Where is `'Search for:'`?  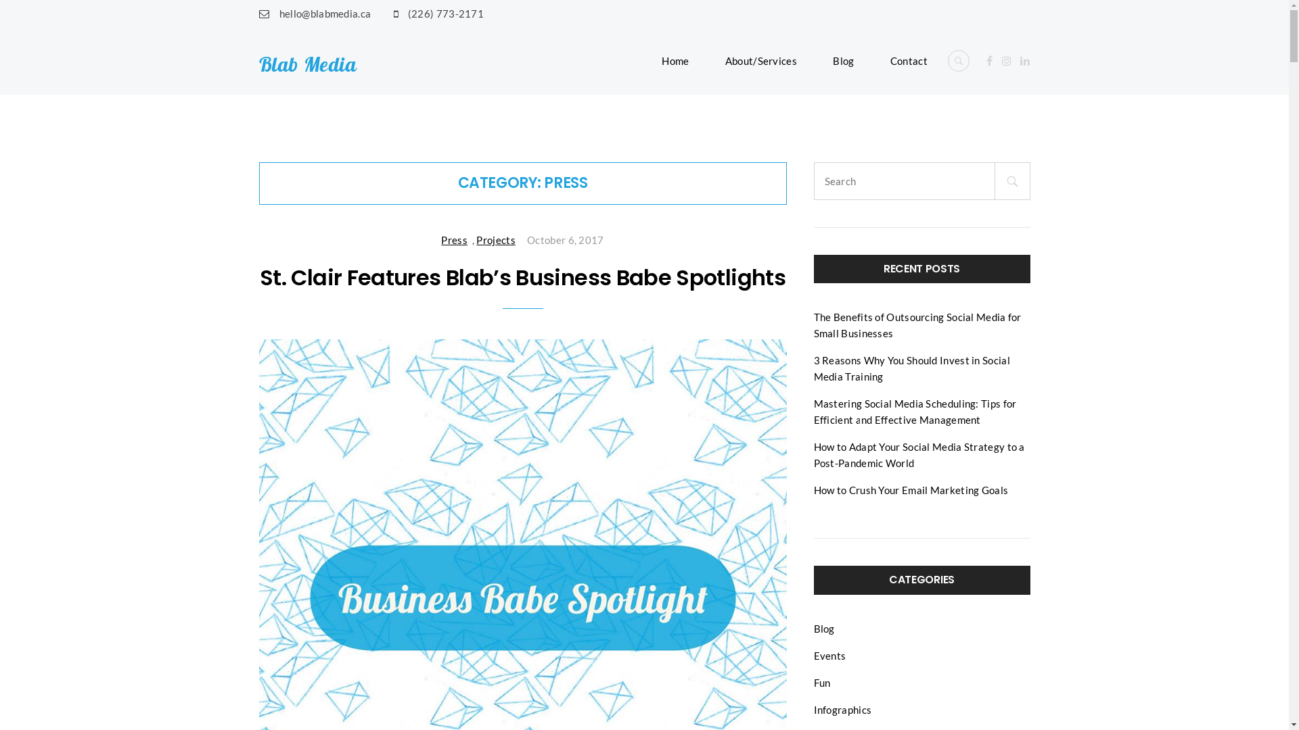
'Search for:' is located at coordinates (882, 180).